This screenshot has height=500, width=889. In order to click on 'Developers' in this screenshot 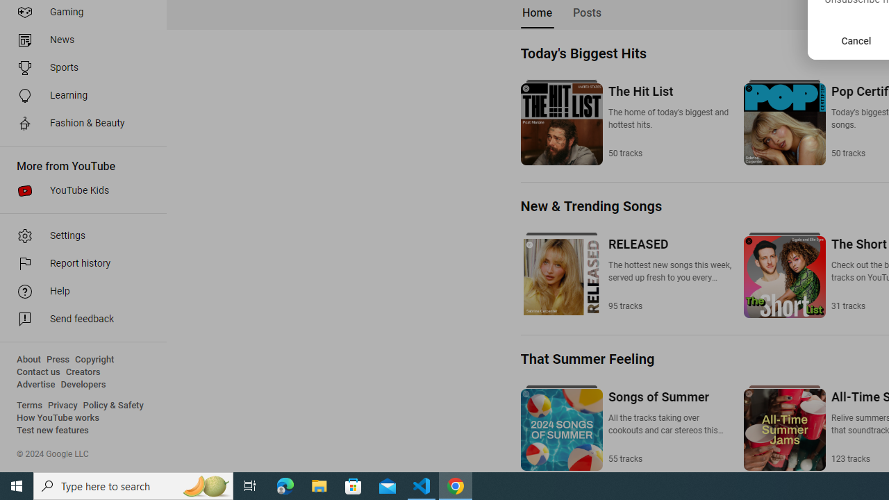, I will do `click(83, 385)`.